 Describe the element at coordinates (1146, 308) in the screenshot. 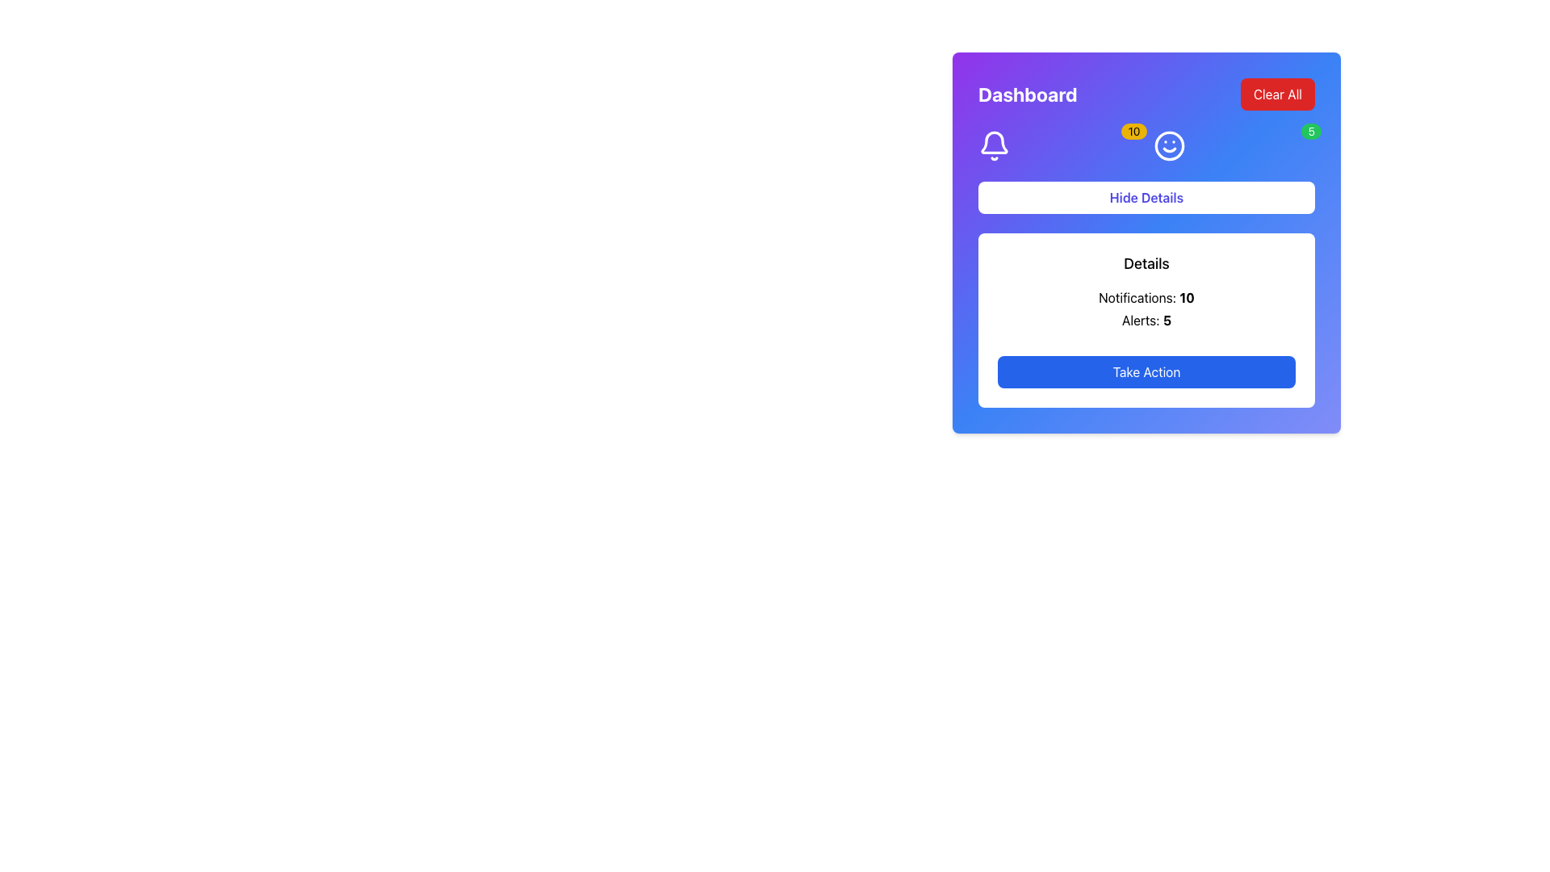

I see `the Information Display element that shows 'Notifications: 10' and 'Alerts: 5' located in the card titled 'Details', positioned below the title and above the 'Take Action' button` at that location.